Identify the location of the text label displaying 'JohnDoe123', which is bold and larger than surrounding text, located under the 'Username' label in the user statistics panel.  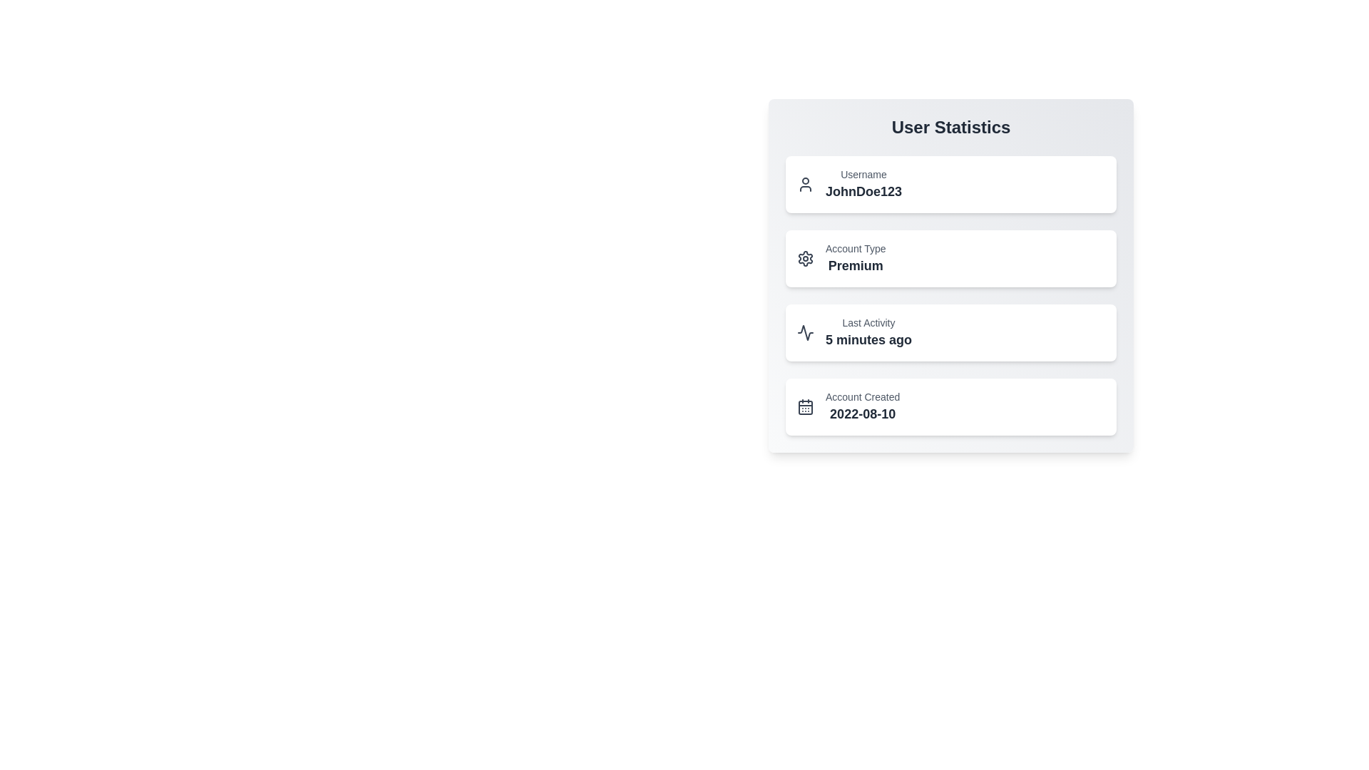
(863, 191).